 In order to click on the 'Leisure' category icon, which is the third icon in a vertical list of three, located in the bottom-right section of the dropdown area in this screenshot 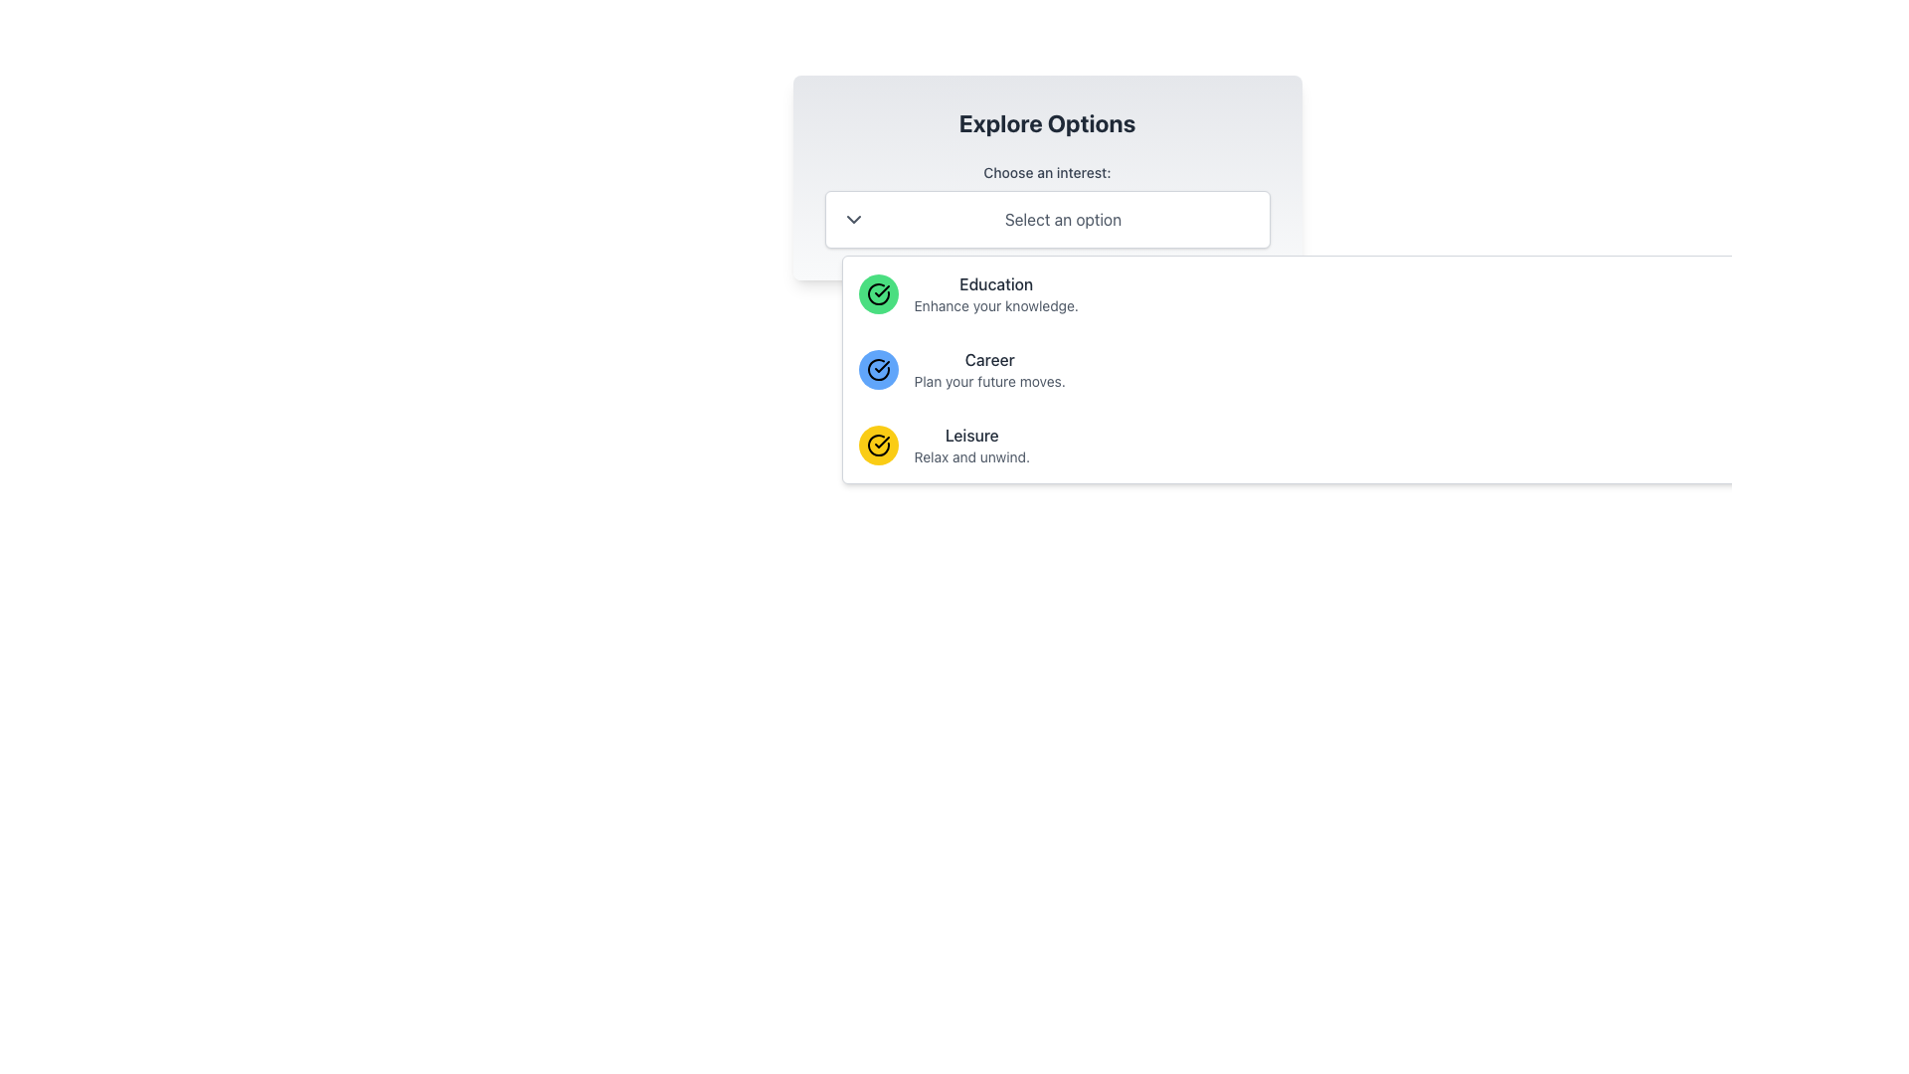, I will do `click(877, 444)`.